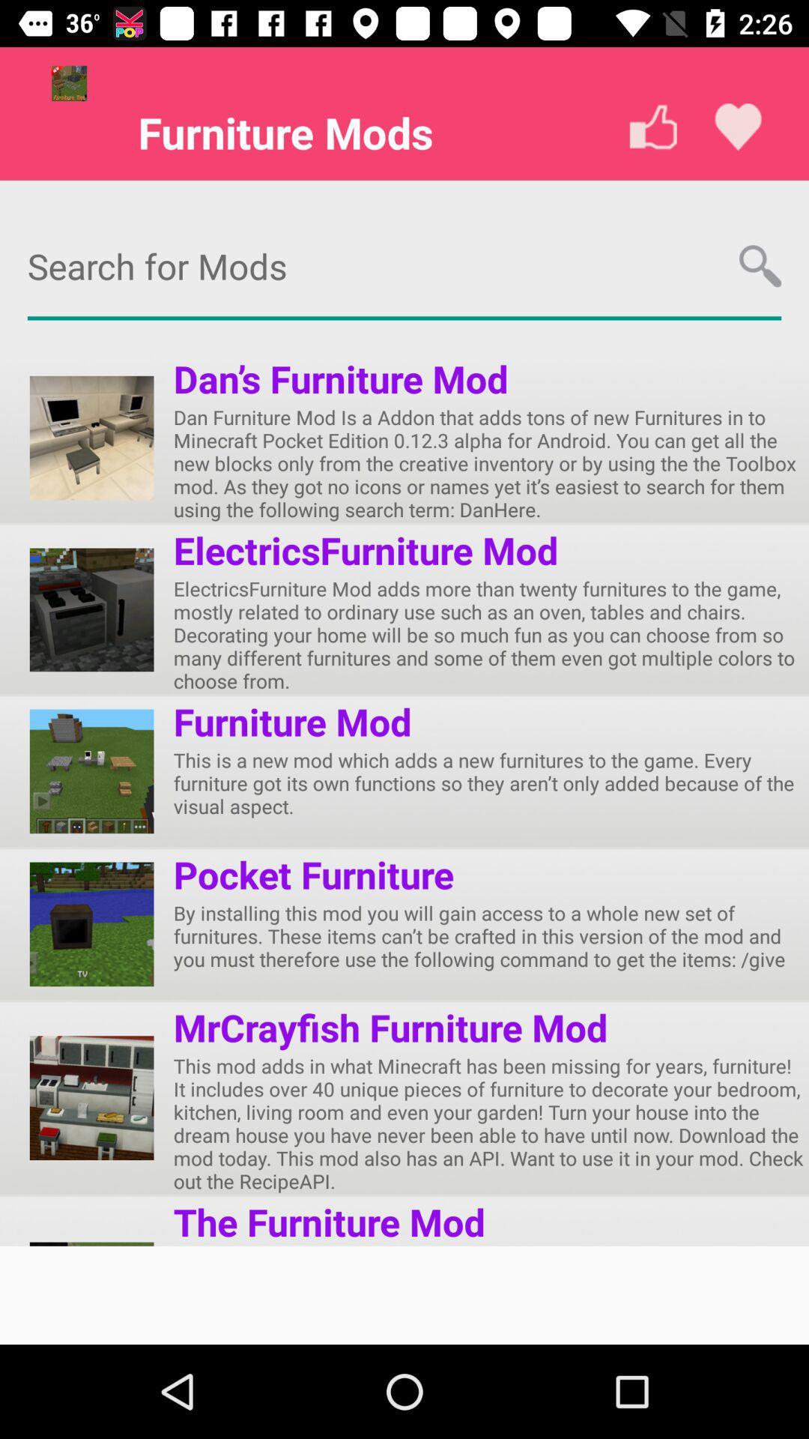 The image size is (809, 1439). I want to click on by installing this app, so click(491, 935).